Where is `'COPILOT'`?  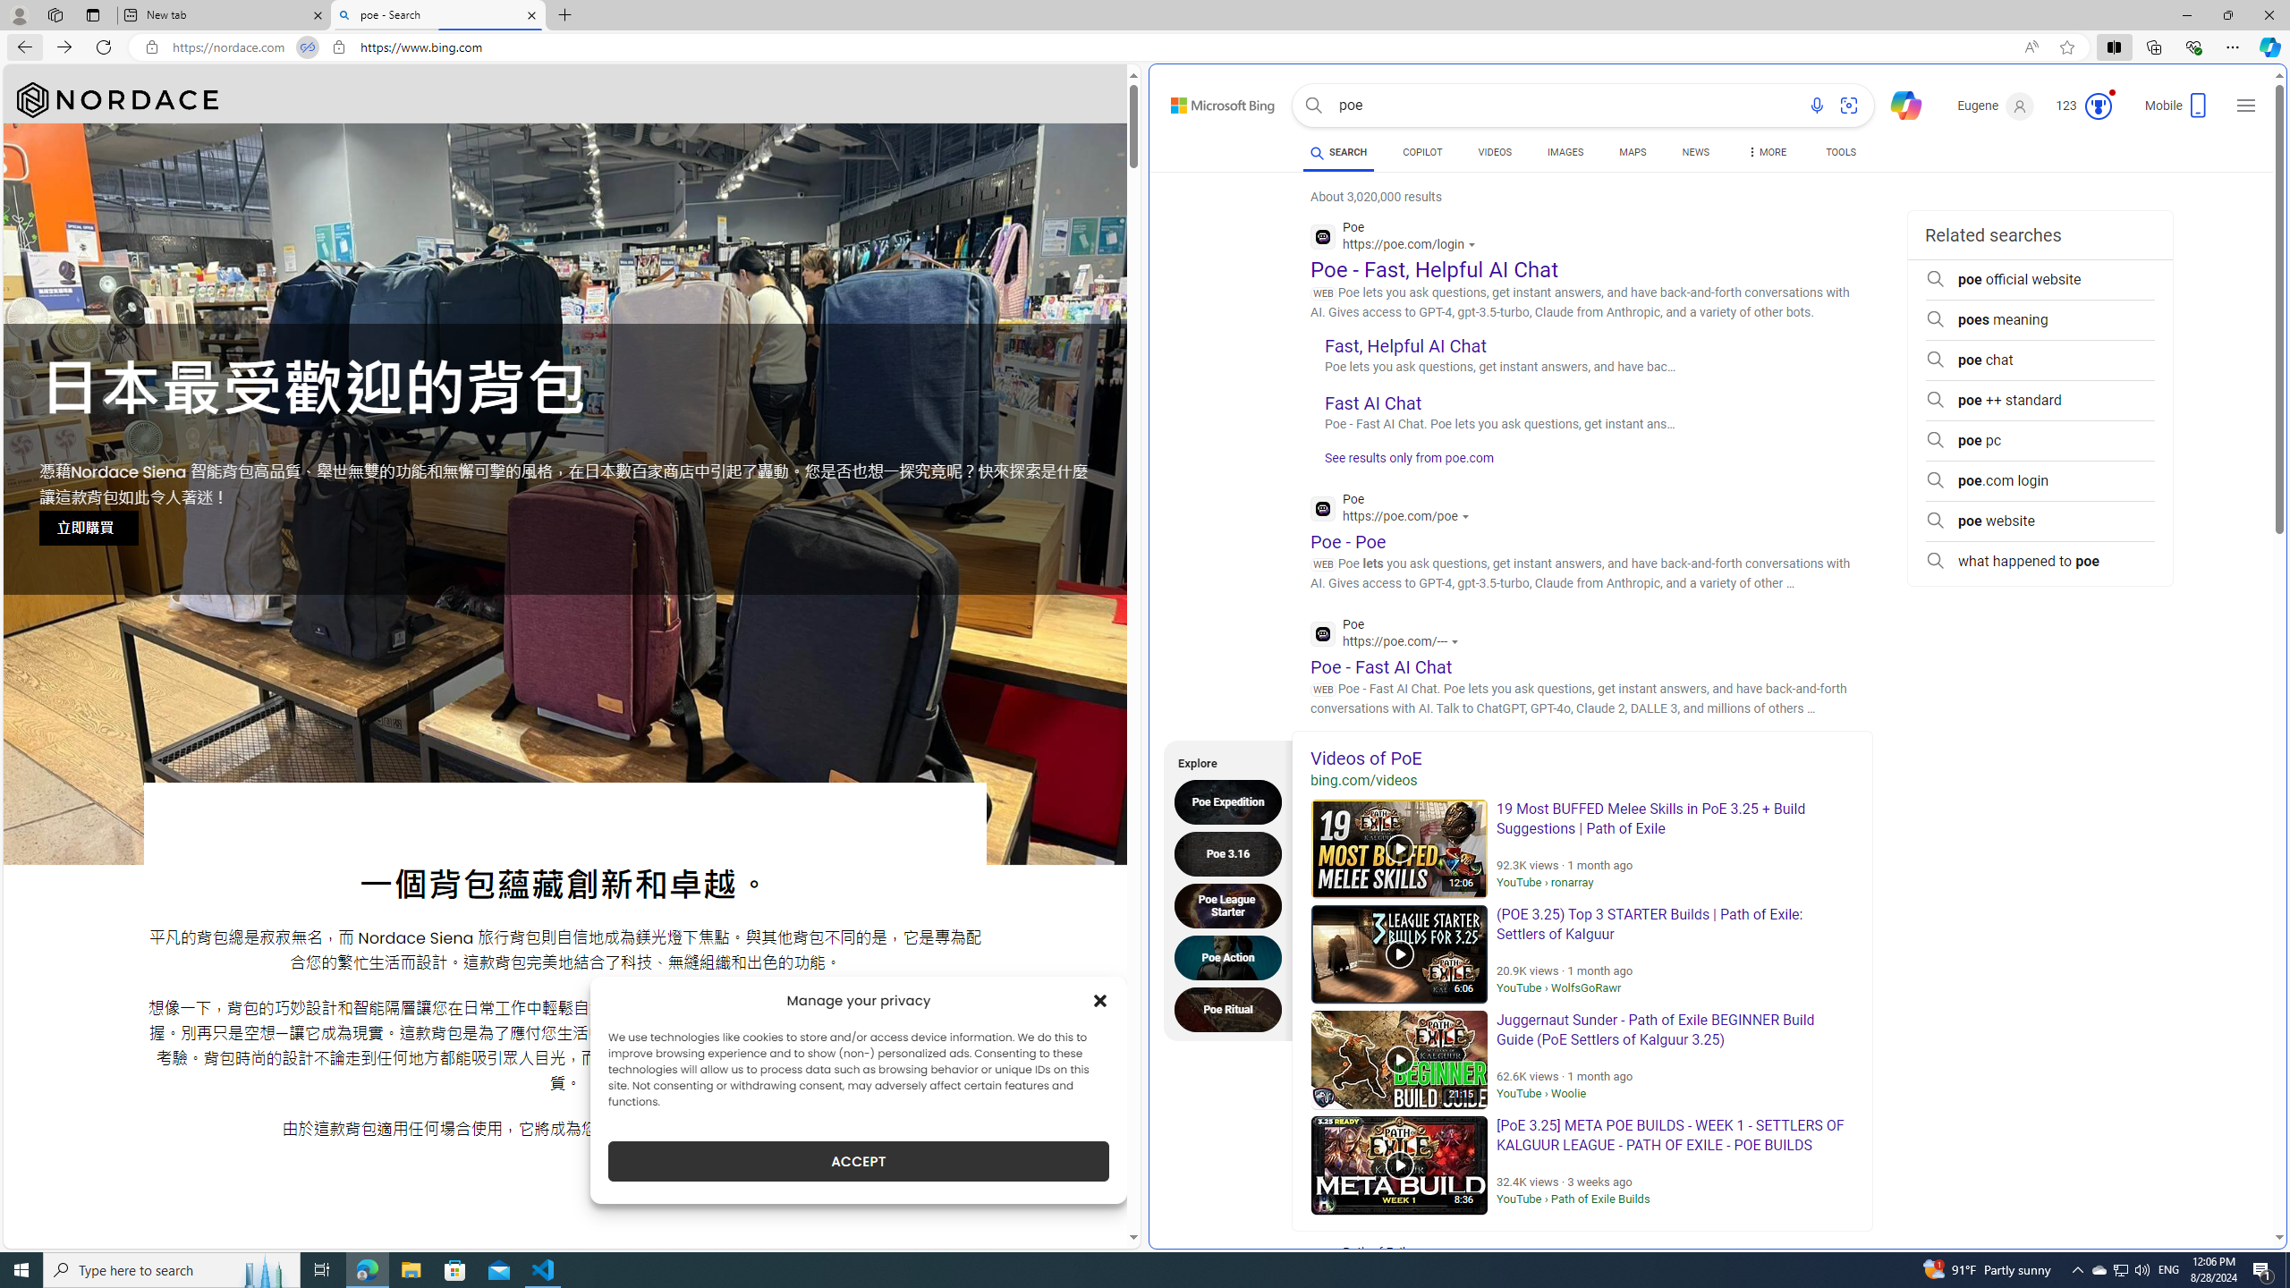 'COPILOT' is located at coordinates (1421, 151).